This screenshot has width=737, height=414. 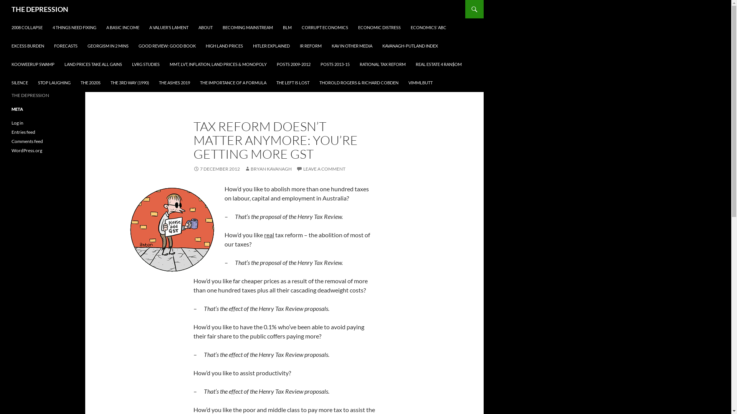 What do you see at coordinates (218, 64) in the screenshot?
I see `'MMT, LVT, INFLATION, LAND PRICES & MONOPOLY'` at bounding box center [218, 64].